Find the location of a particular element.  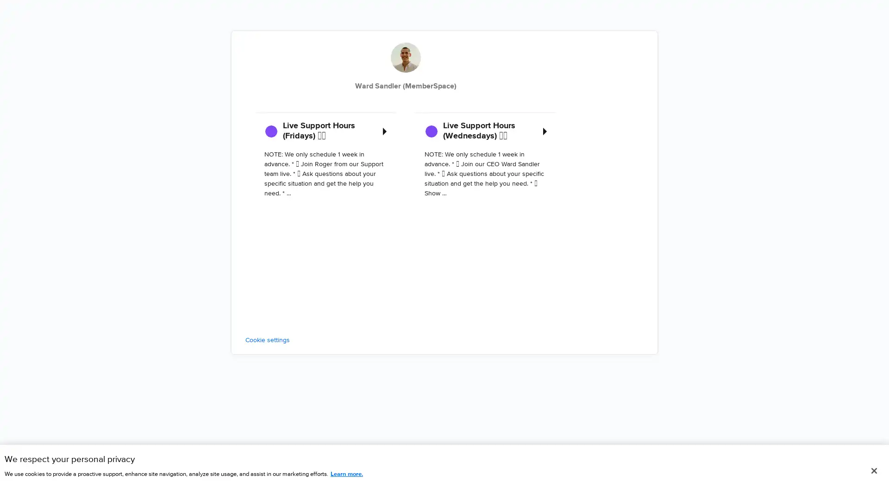

Close is located at coordinates (873, 471).